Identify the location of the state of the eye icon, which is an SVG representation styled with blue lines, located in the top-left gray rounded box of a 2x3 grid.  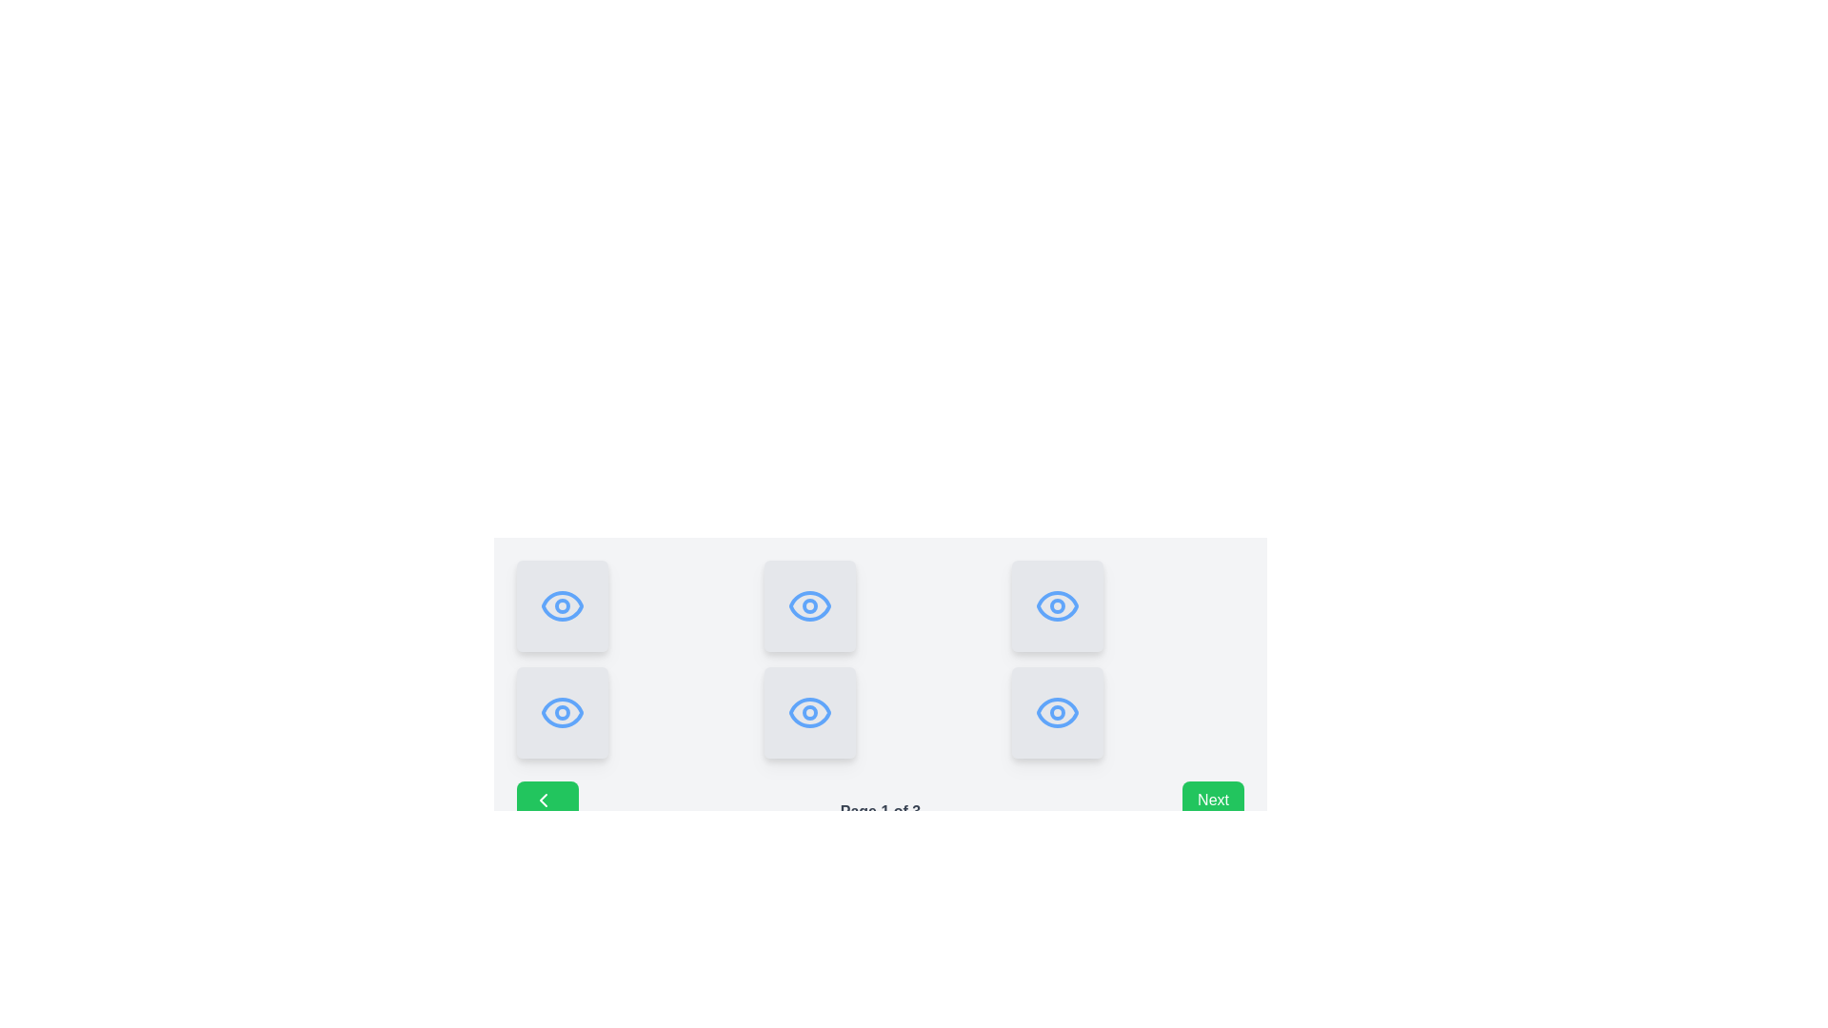
(561, 605).